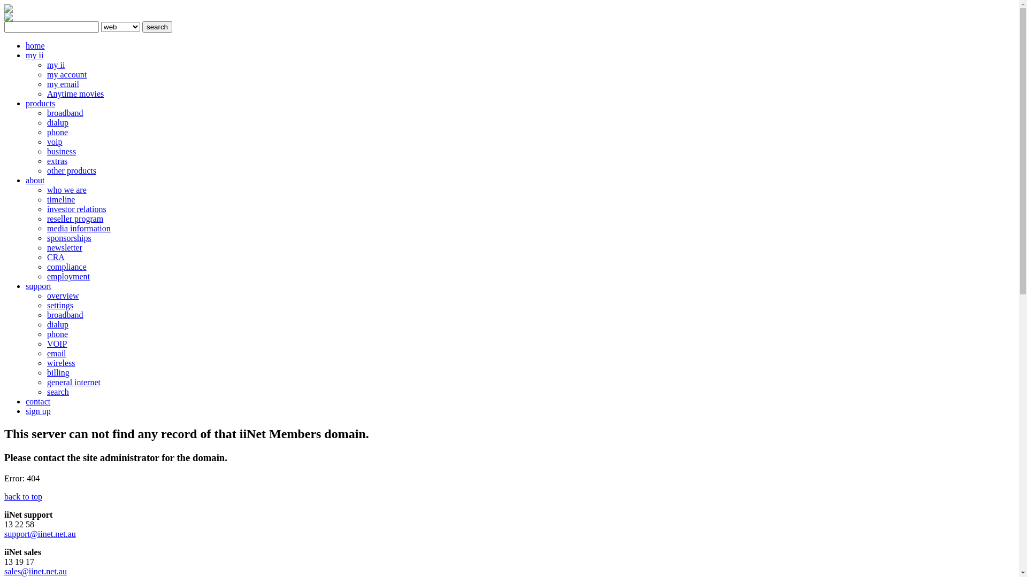 This screenshot has width=1027, height=577. Describe the element at coordinates (46, 333) in the screenshot. I see `'phone'` at that location.